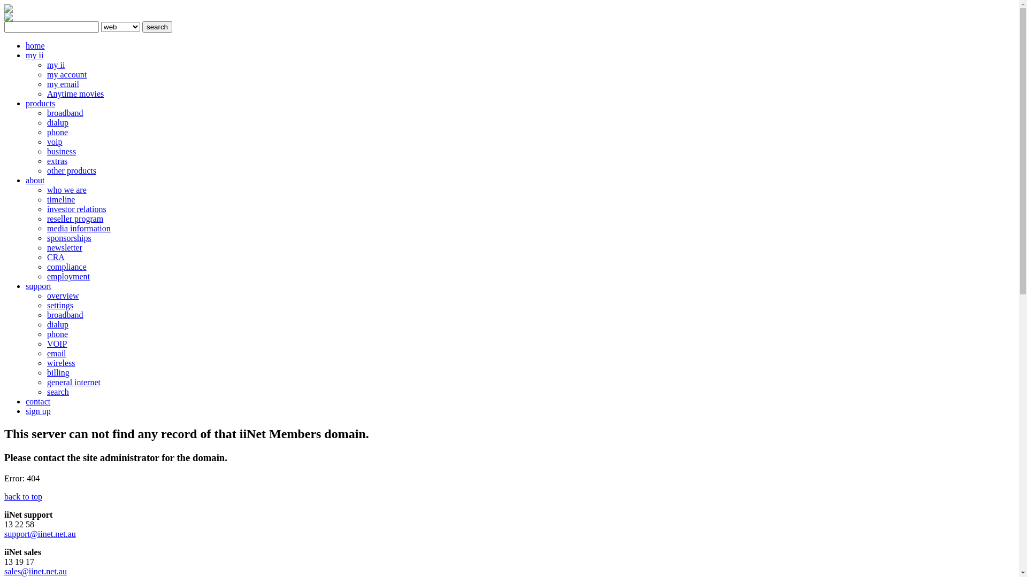 This screenshot has width=1027, height=577. Describe the element at coordinates (46, 333) in the screenshot. I see `'phone'` at that location.